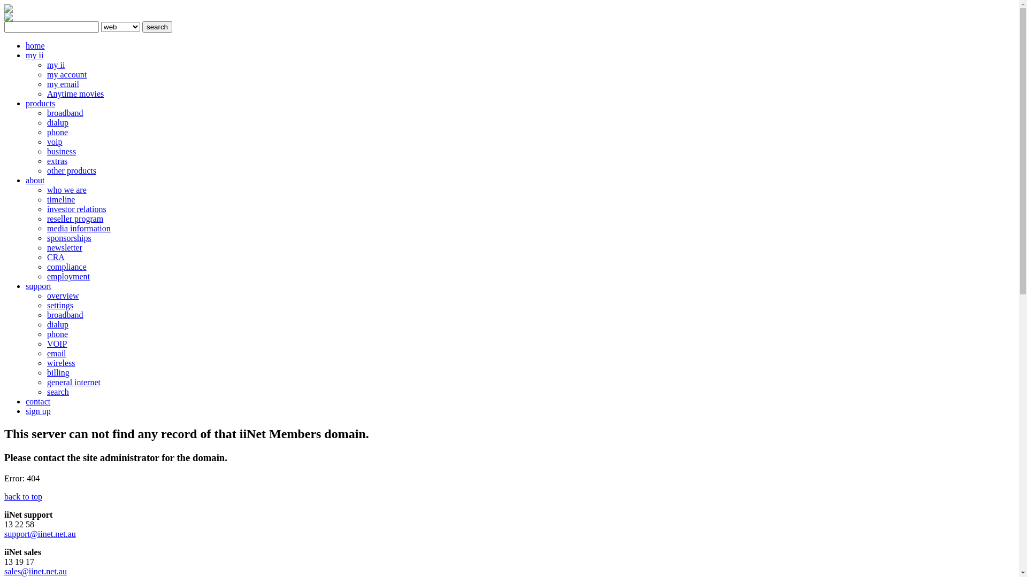 This screenshot has width=1027, height=577. Describe the element at coordinates (46, 333) in the screenshot. I see `'phone'` at that location.